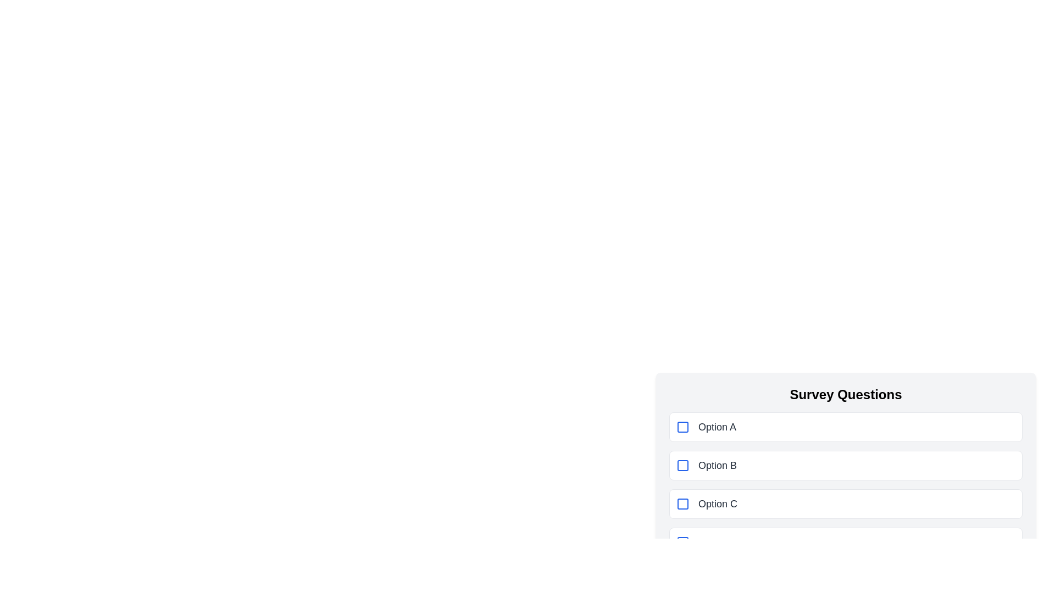 Image resolution: width=1055 pixels, height=593 pixels. Describe the element at coordinates (682, 466) in the screenshot. I see `the blue-bordered checkbox located to the left of the label 'Option B' to mark it` at that location.